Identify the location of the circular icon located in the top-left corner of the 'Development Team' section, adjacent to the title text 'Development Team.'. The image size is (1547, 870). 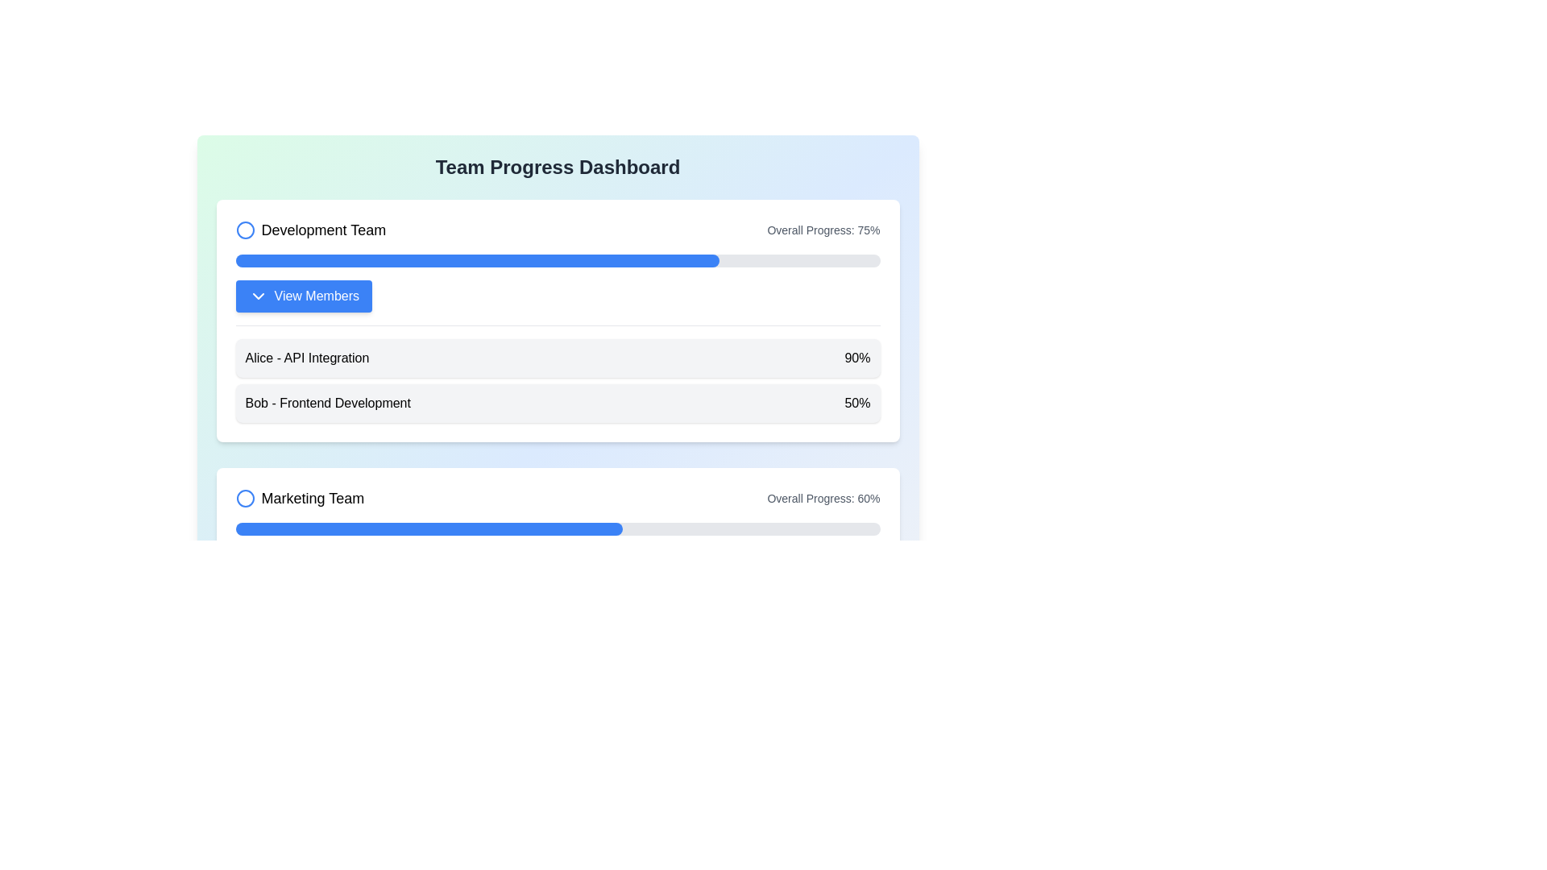
(244, 230).